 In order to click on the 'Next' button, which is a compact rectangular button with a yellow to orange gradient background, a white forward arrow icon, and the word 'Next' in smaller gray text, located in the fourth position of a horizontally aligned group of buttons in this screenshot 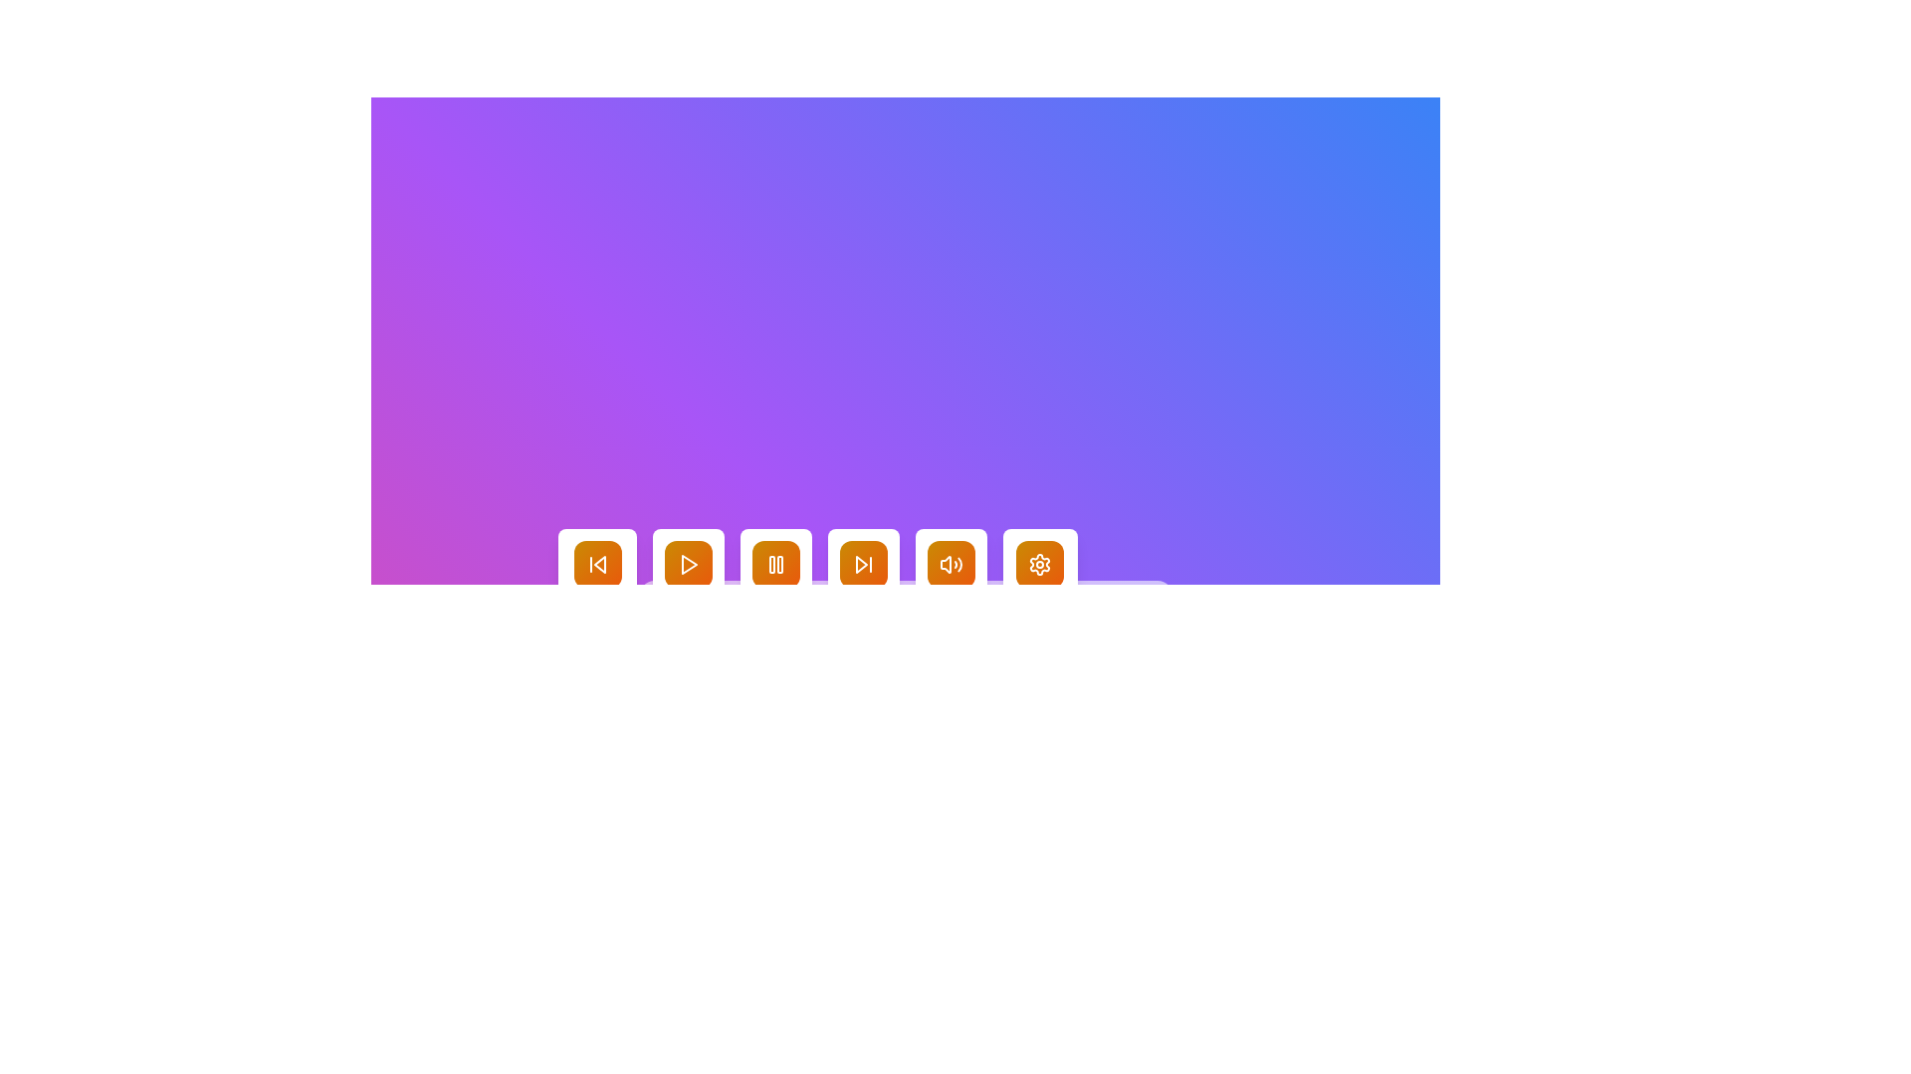, I will do `click(863, 579)`.